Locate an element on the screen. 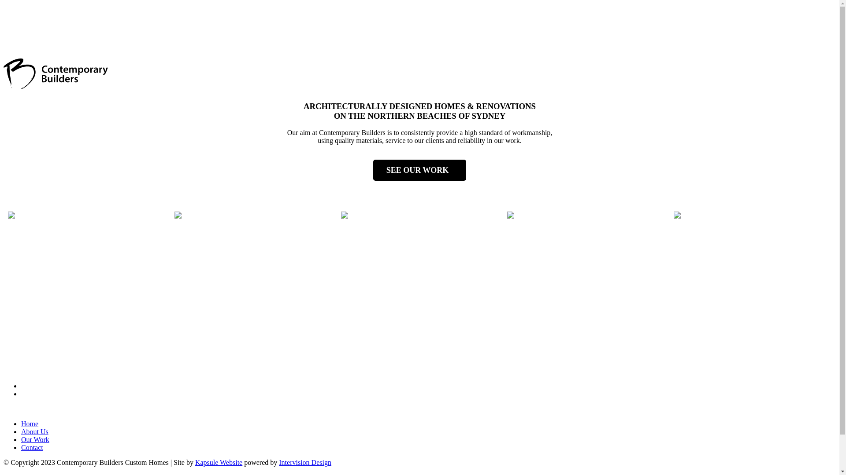 Image resolution: width=846 pixels, height=475 pixels. 'Contact' is located at coordinates (32, 447).